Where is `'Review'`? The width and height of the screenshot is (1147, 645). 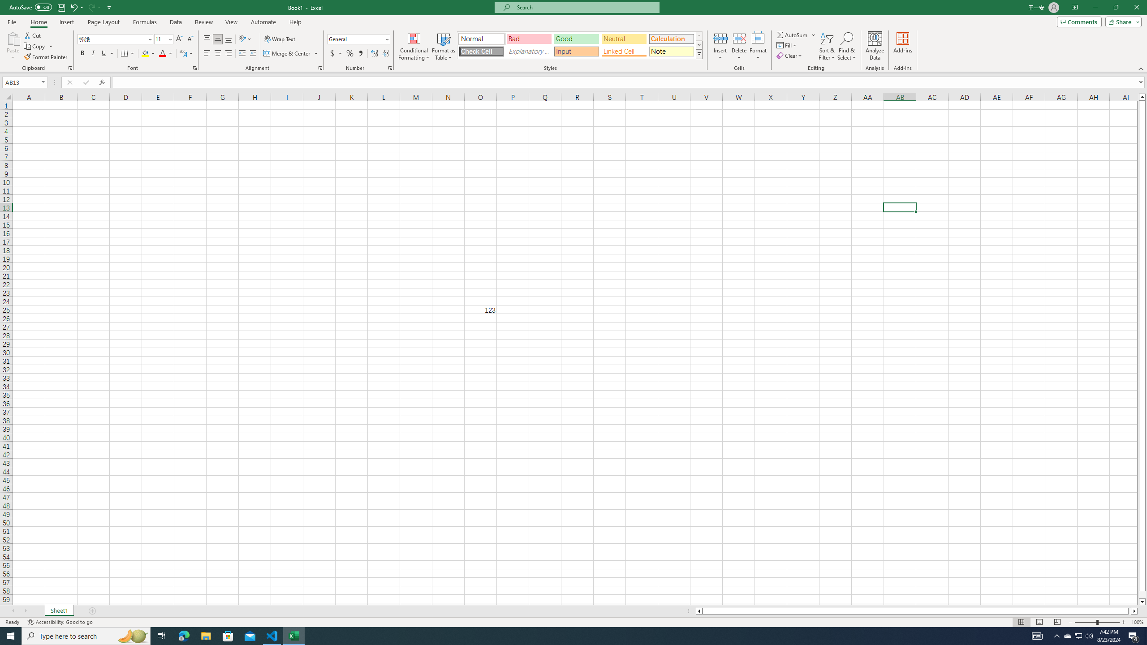
'Review' is located at coordinates (203, 22).